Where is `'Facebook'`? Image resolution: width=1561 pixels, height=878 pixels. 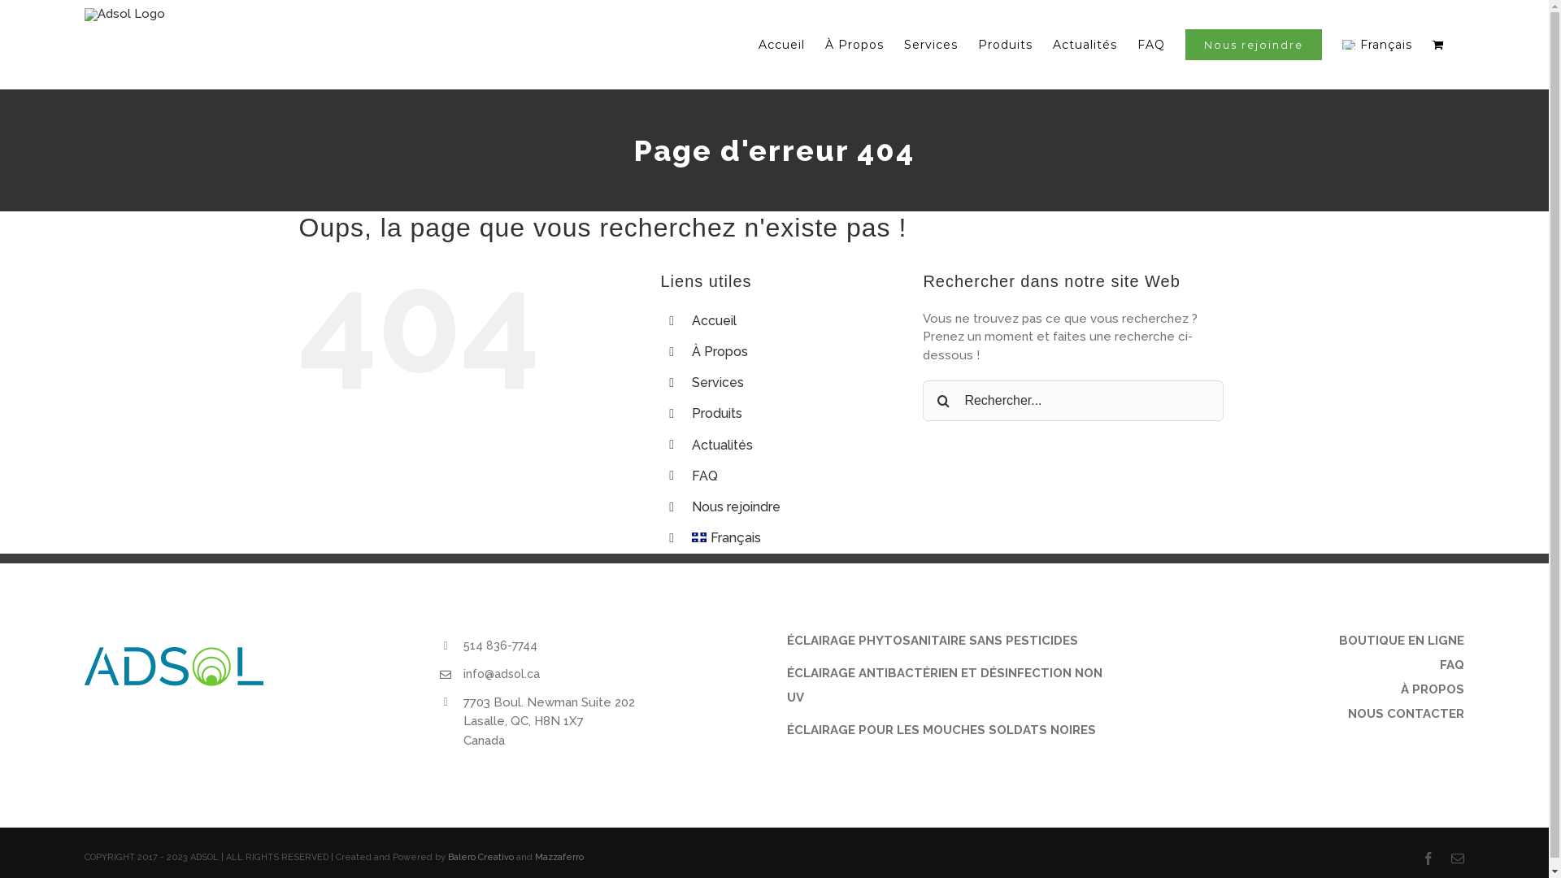 'Facebook' is located at coordinates (1427, 858).